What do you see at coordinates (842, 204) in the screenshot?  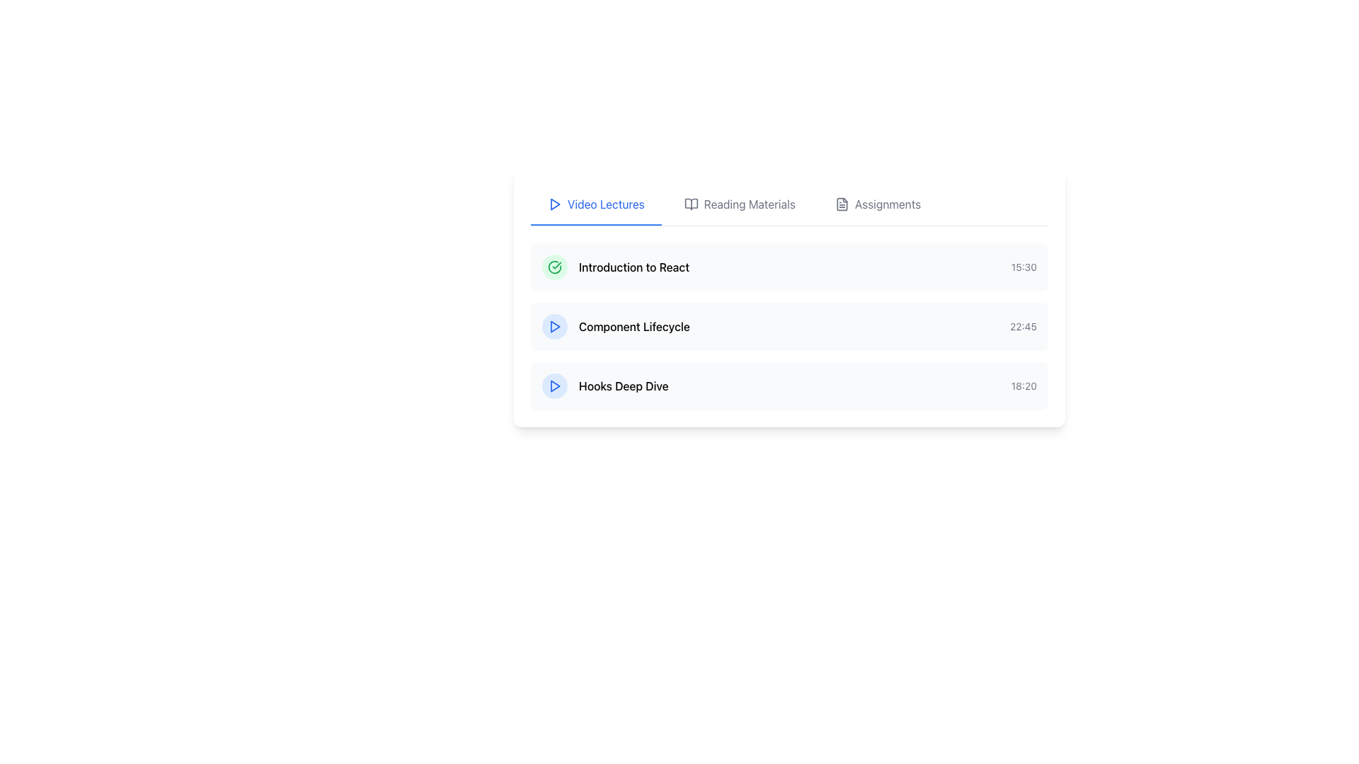 I see `document file icon located near the 'Assignments' text label in the top-right section of the interface` at bounding box center [842, 204].